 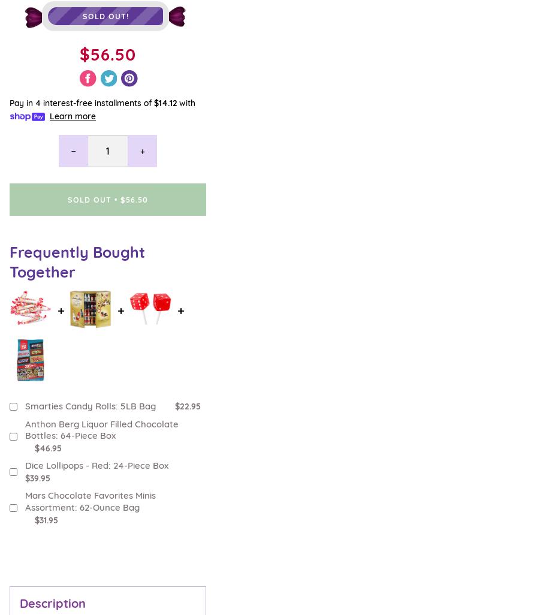 I want to click on 'Come Visit Us', so click(x=36, y=450).